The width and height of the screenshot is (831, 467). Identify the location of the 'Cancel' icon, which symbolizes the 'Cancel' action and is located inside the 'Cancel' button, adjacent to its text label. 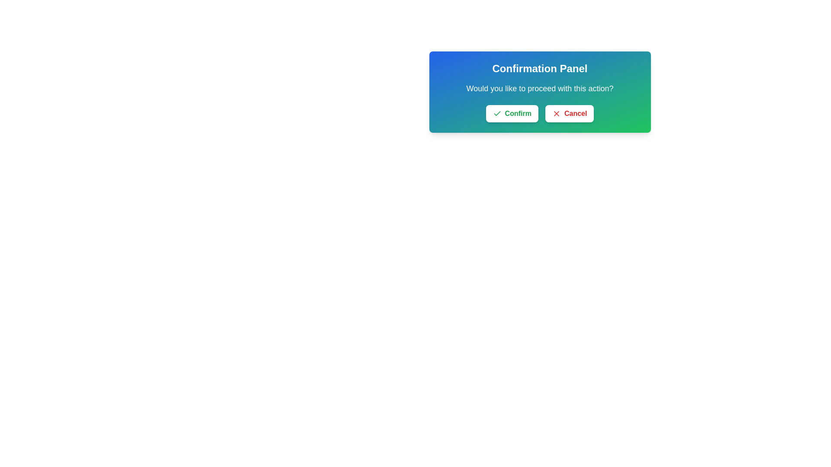
(557, 113).